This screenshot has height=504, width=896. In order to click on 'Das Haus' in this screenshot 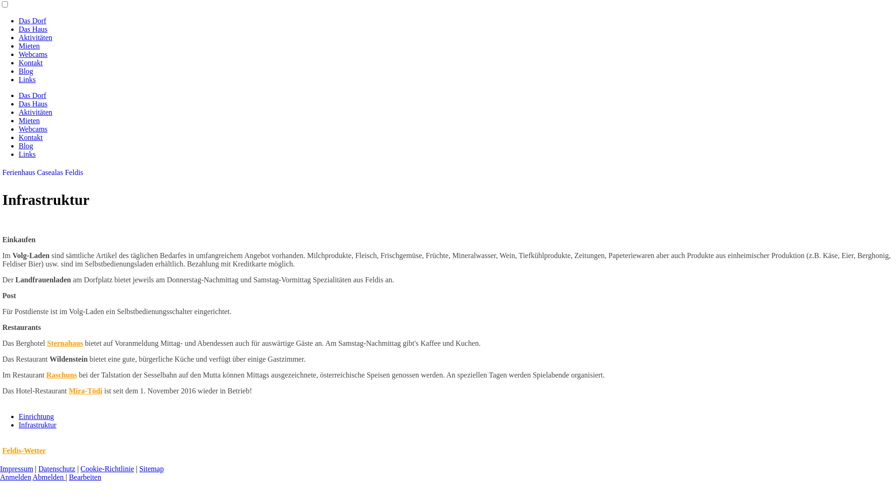, I will do `click(33, 28)`.